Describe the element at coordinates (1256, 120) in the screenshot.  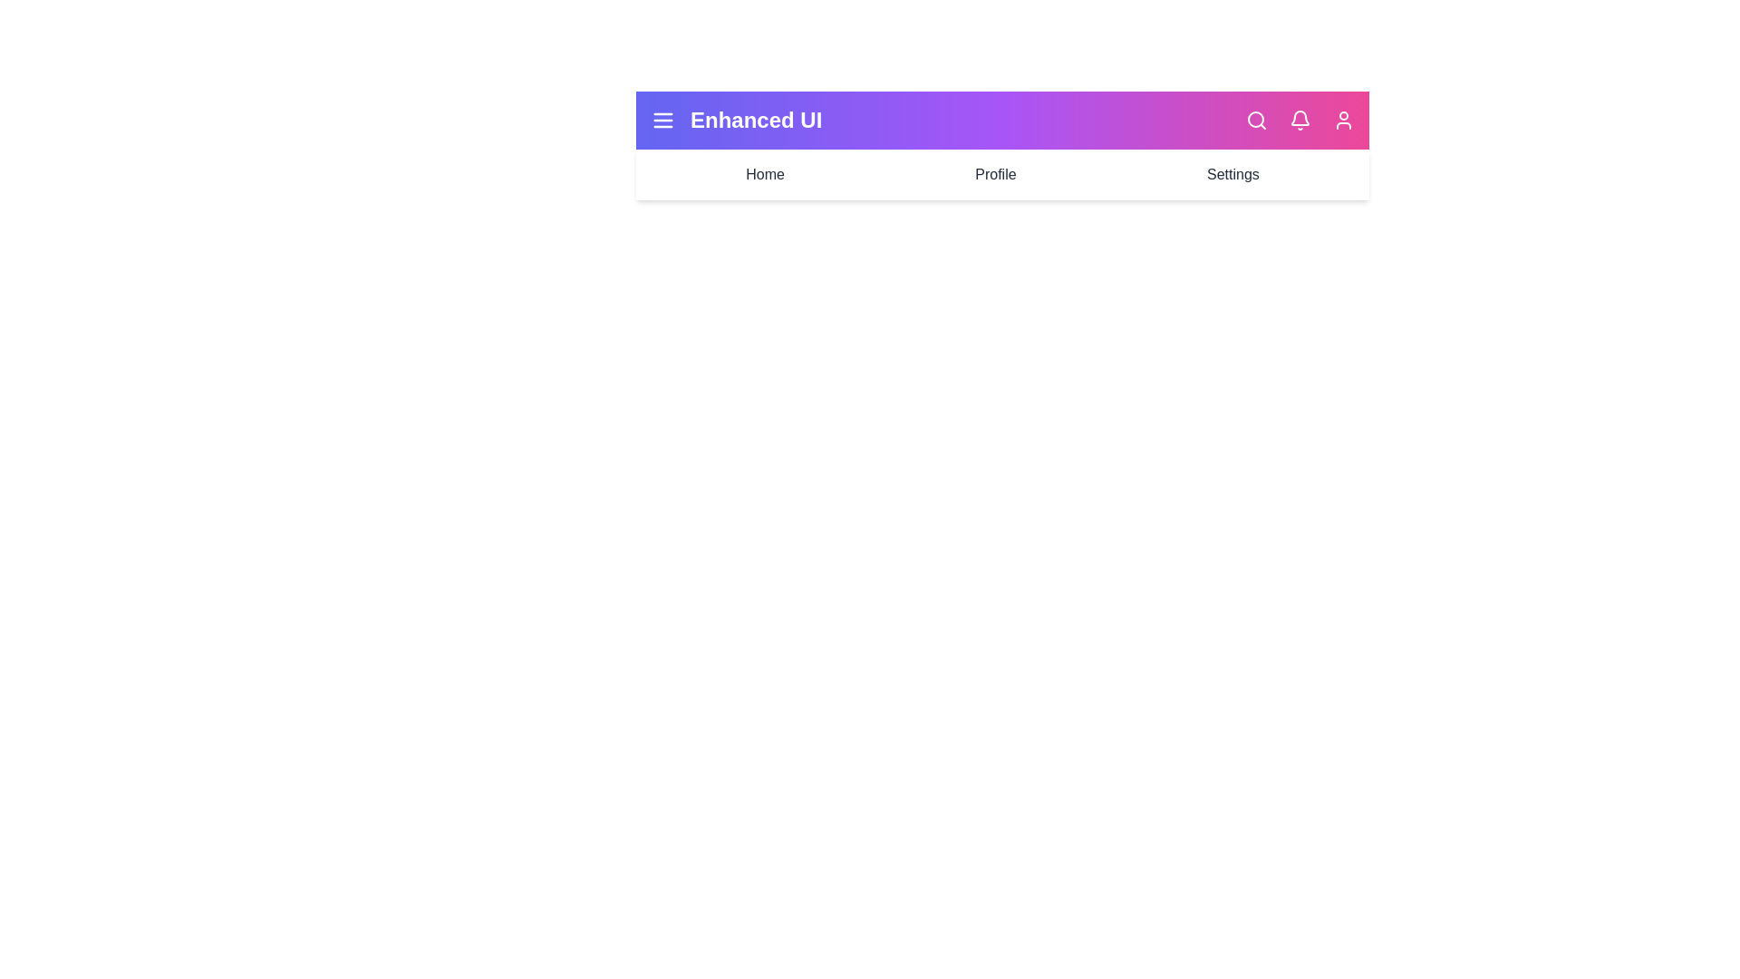
I see `the Search icon in the EnhancedAppBar` at that location.